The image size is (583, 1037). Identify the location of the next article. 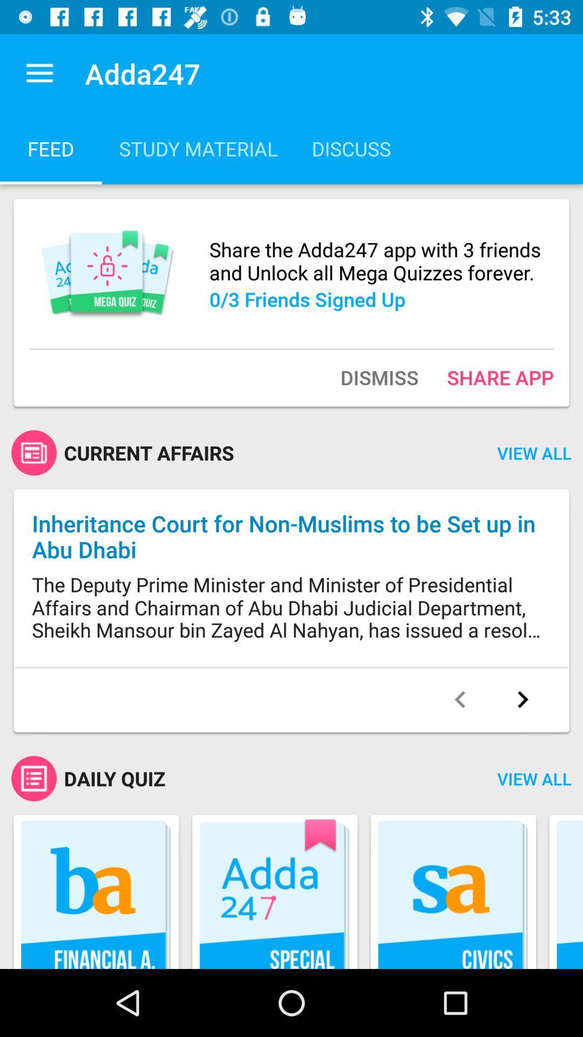
(522, 699).